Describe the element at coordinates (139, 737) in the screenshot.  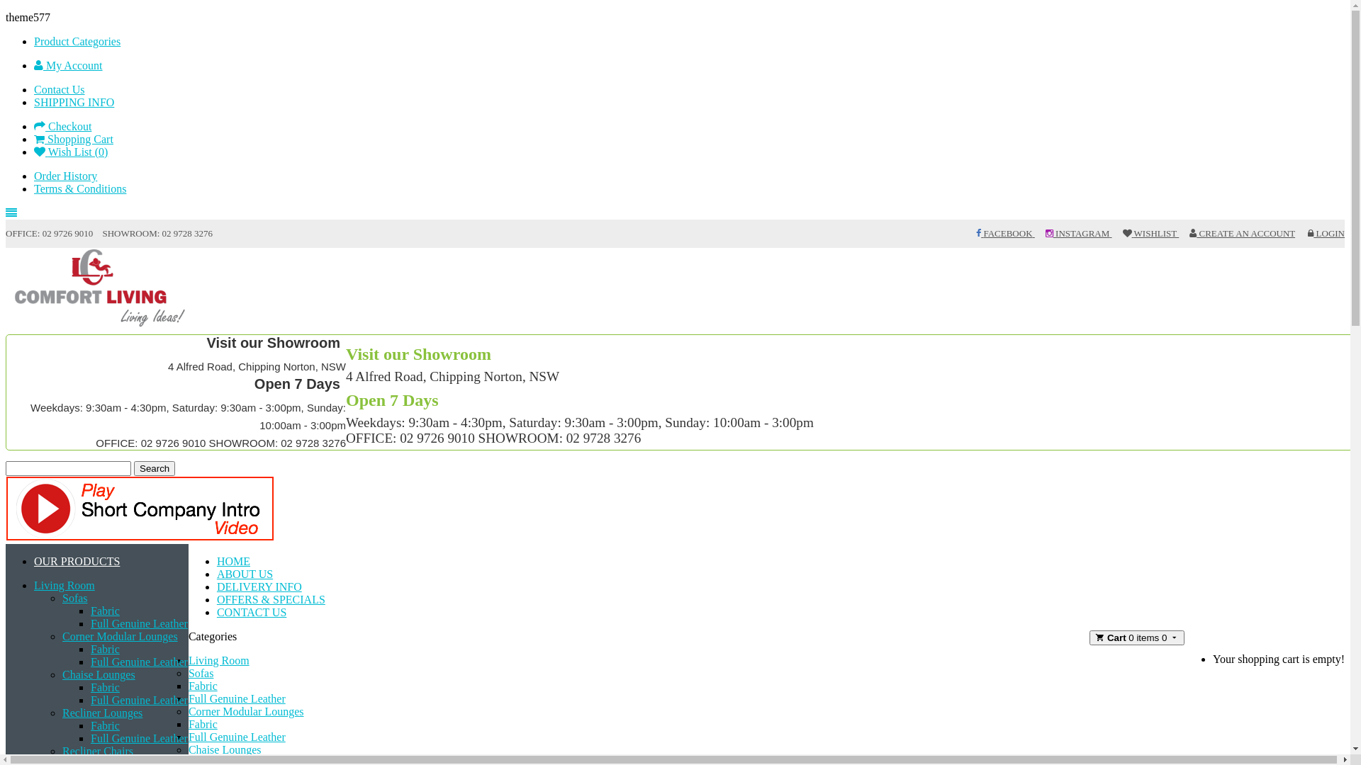
I see `'Full Genuine Leather'` at that location.